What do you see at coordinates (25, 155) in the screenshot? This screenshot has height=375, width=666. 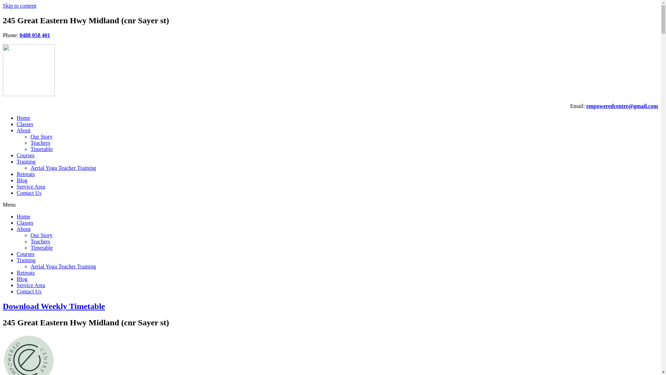 I see `'Courses'` at bounding box center [25, 155].